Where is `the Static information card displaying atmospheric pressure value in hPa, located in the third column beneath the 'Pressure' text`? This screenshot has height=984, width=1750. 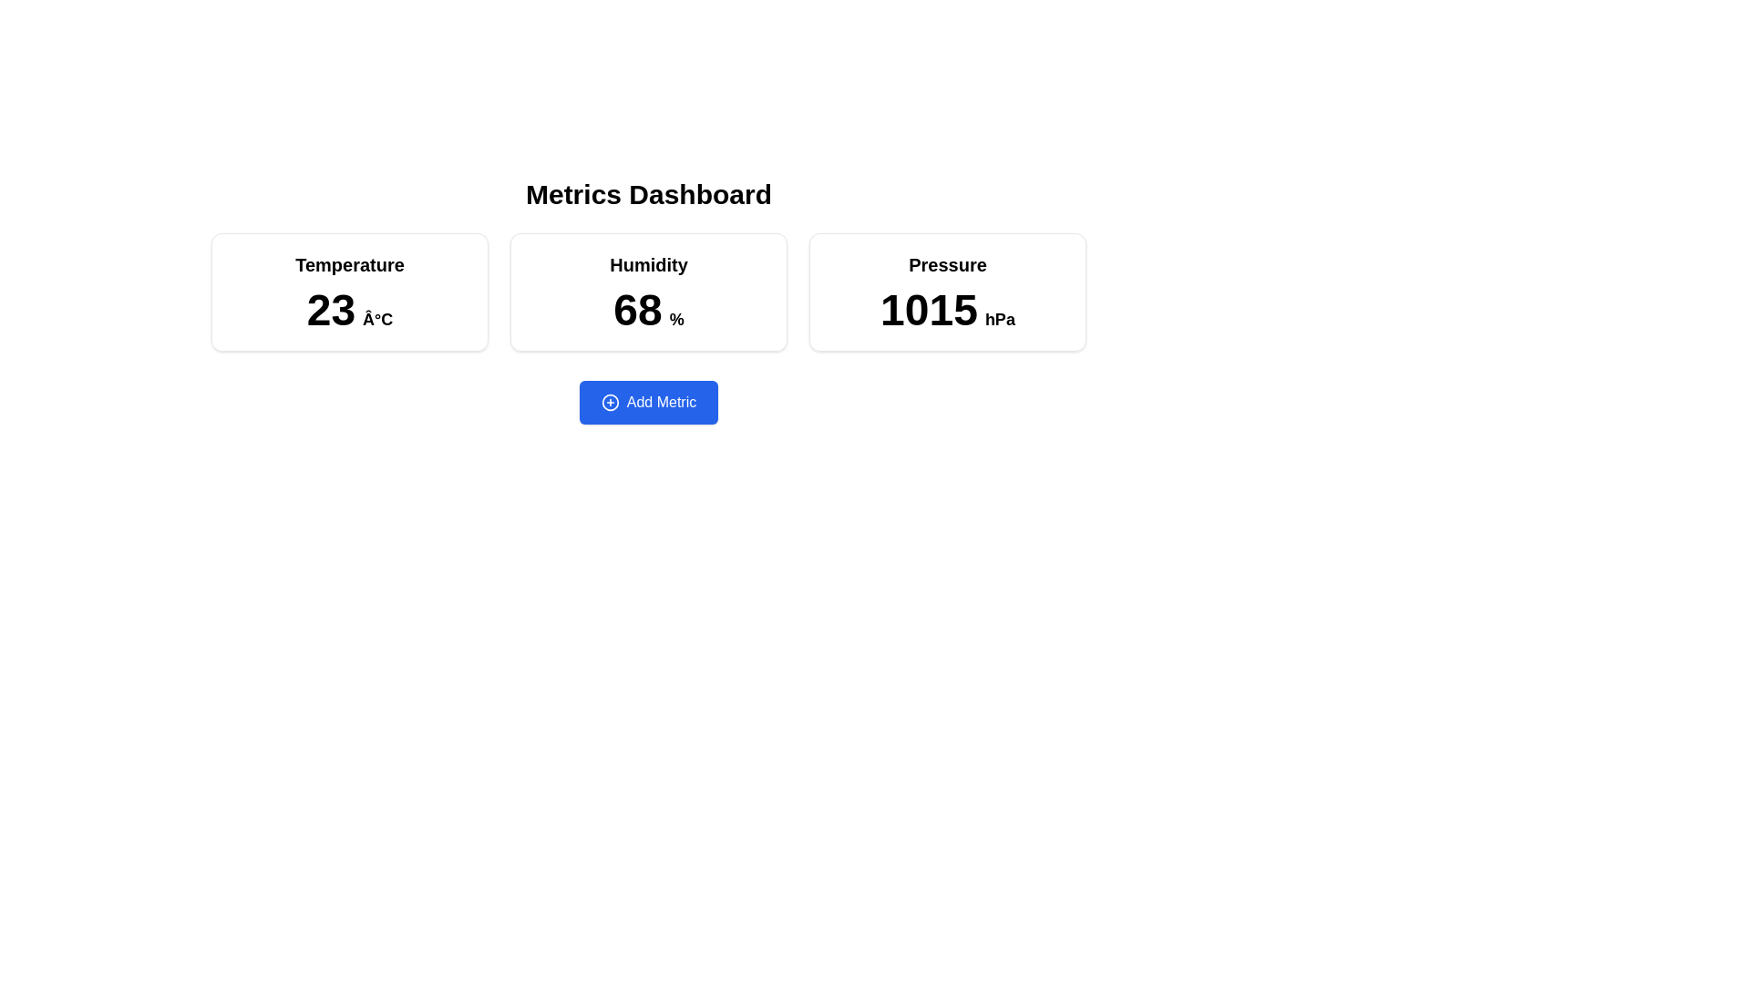 the Static information card displaying atmospheric pressure value in hPa, located in the third column beneath the 'Pressure' text is located at coordinates (948, 291).